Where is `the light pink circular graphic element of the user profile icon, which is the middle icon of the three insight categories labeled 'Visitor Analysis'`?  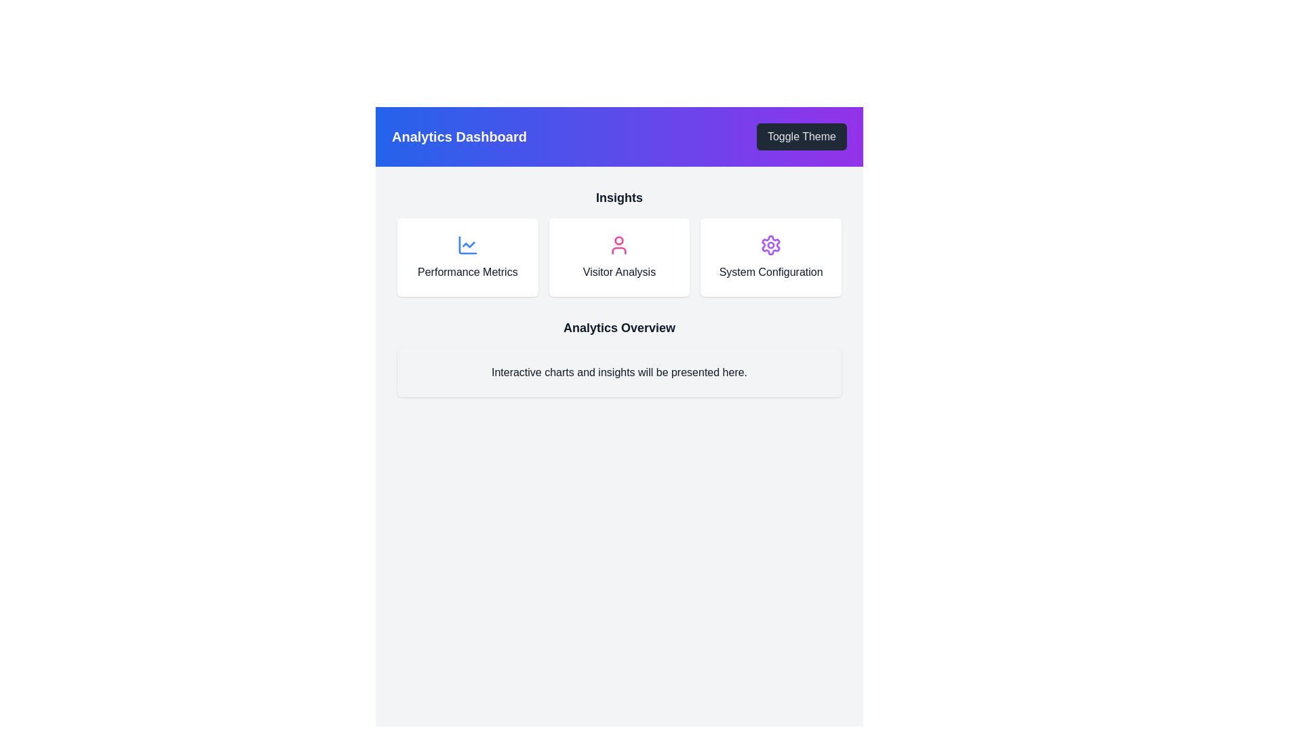
the light pink circular graphic element of the user profile icon, which is the middle icon of the three insight categories labeled 'Visitor Analysis' is located at coordinates (618, 240).